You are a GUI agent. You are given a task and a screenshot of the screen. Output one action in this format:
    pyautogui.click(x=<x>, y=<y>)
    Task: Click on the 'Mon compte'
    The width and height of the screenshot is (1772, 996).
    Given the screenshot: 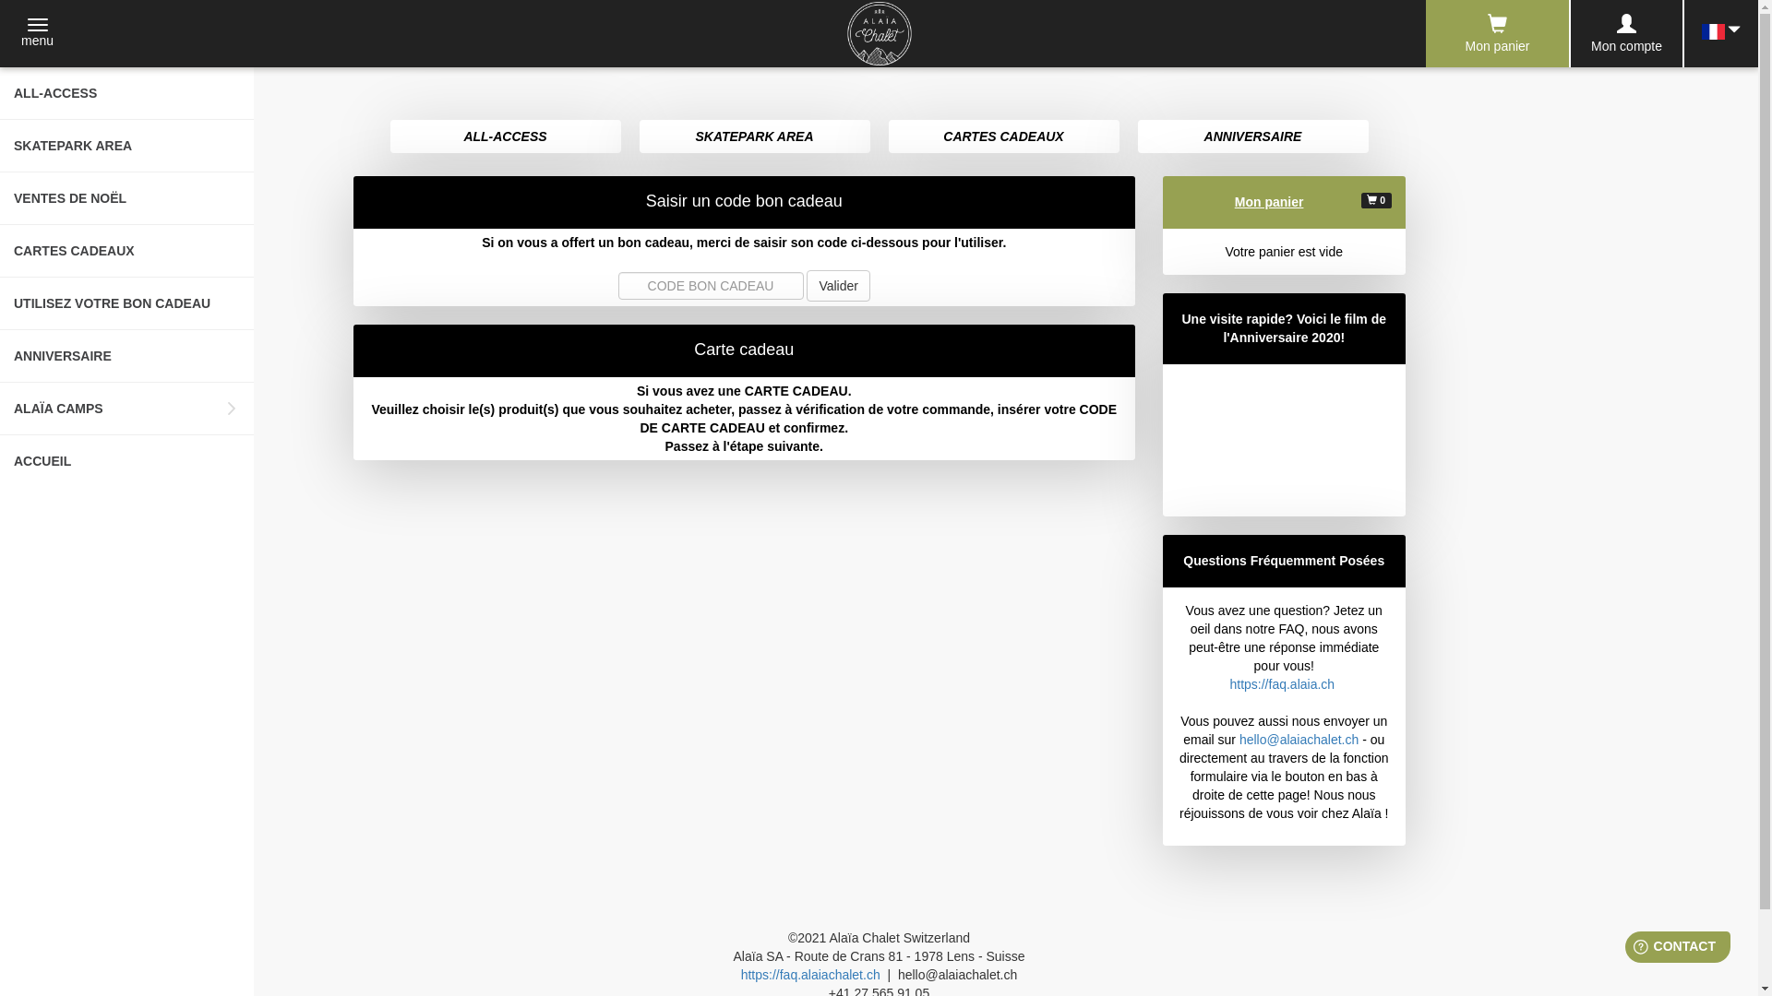 What is the action you would take?
    pyautogui.click(x=1626, y=34)
    